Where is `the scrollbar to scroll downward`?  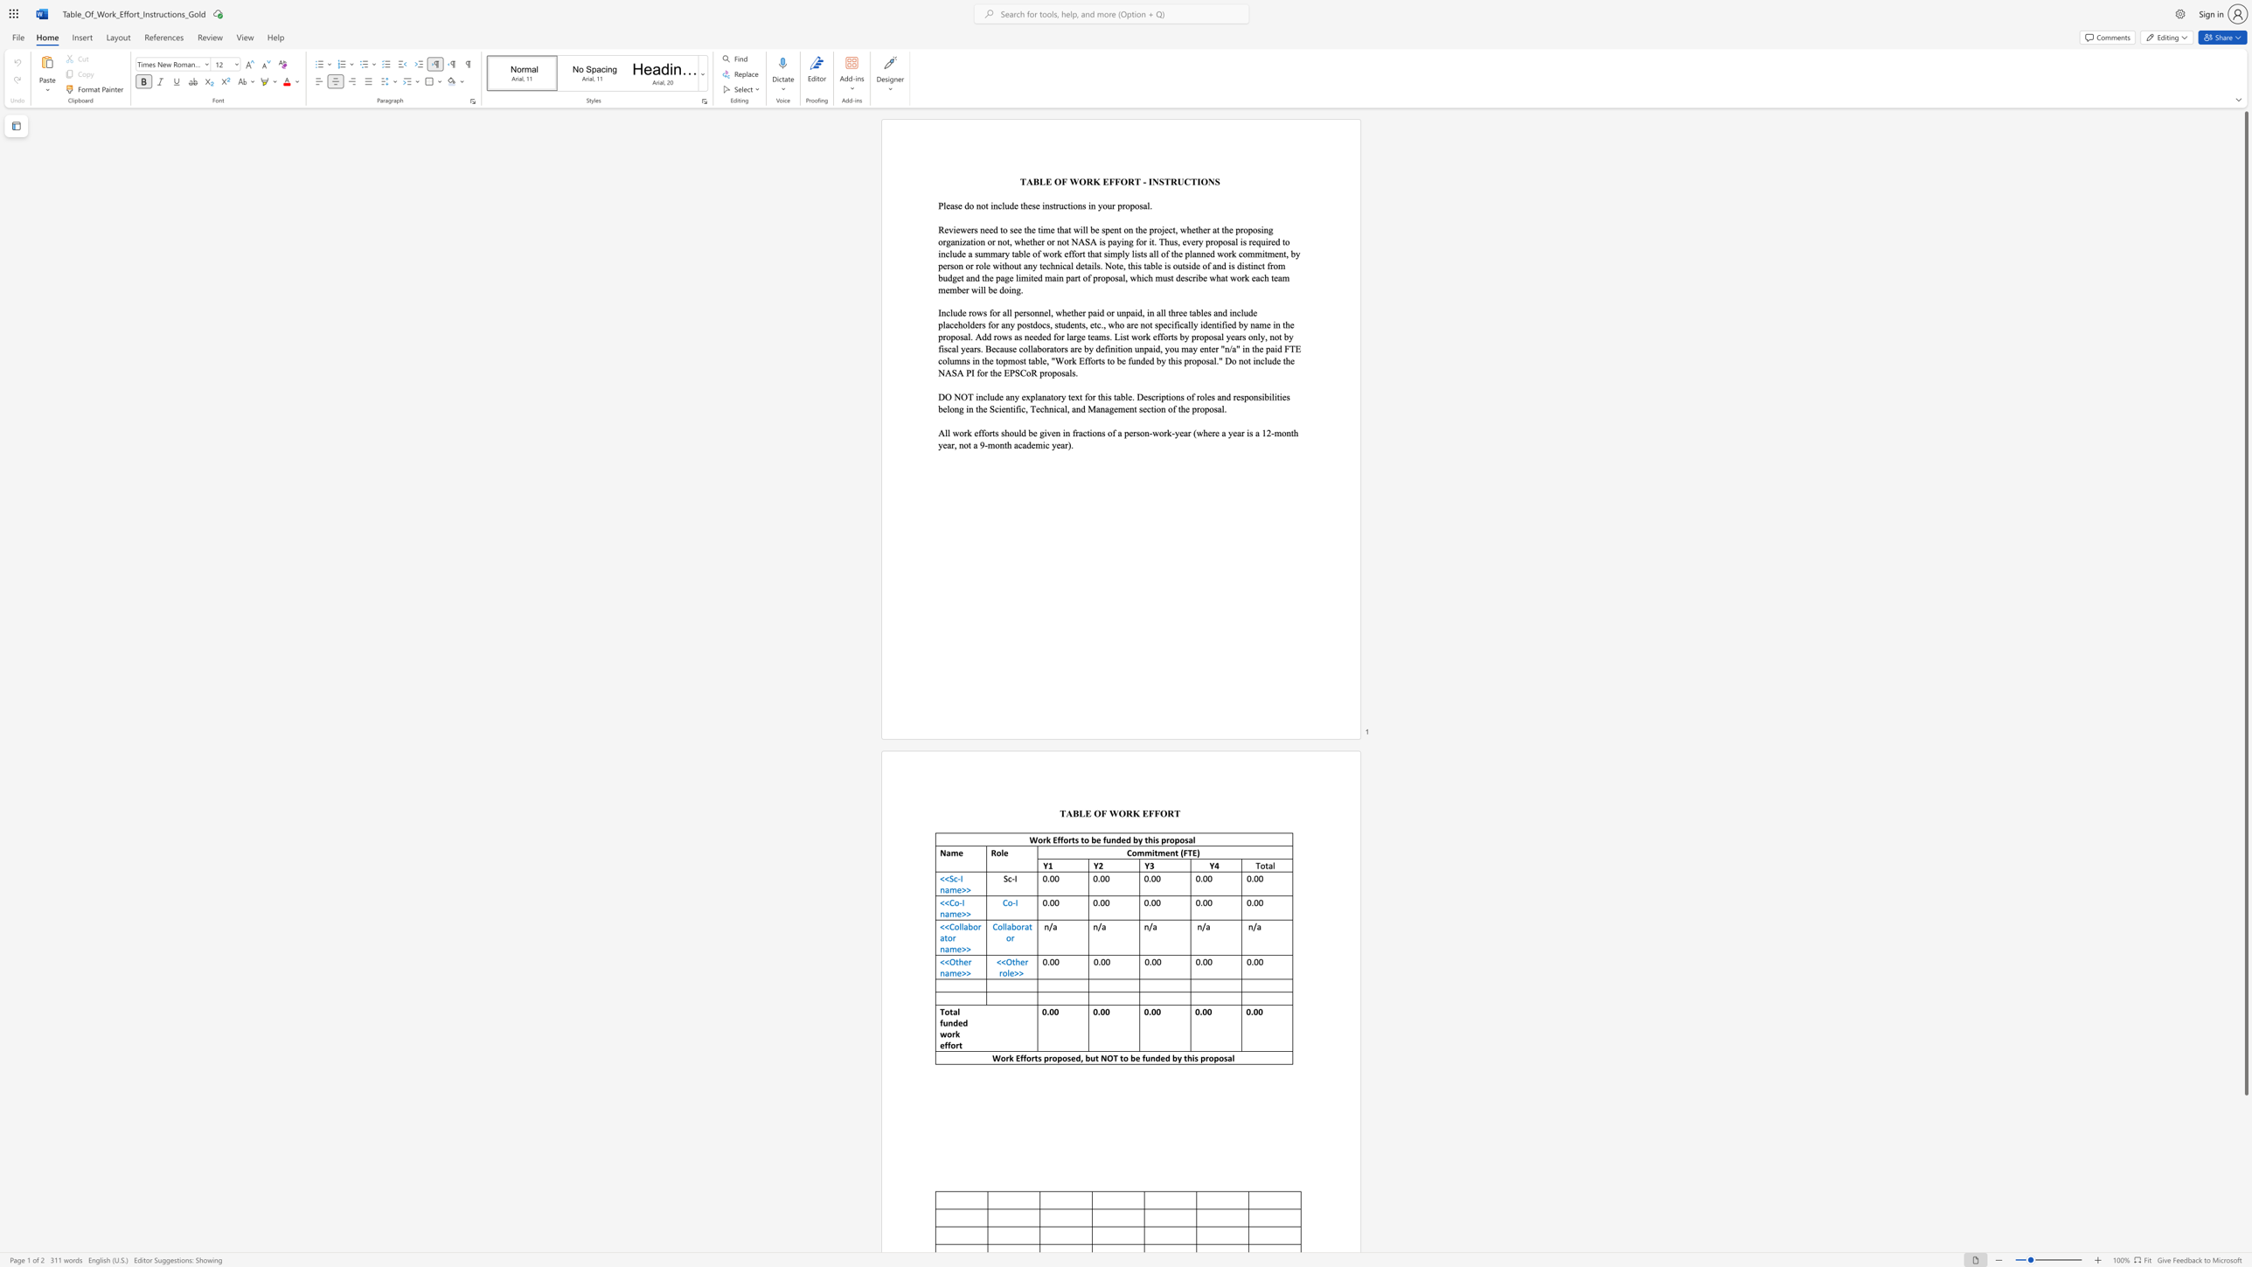 the scrollbar to scroll downward is located at coordinates (2245, 1119).